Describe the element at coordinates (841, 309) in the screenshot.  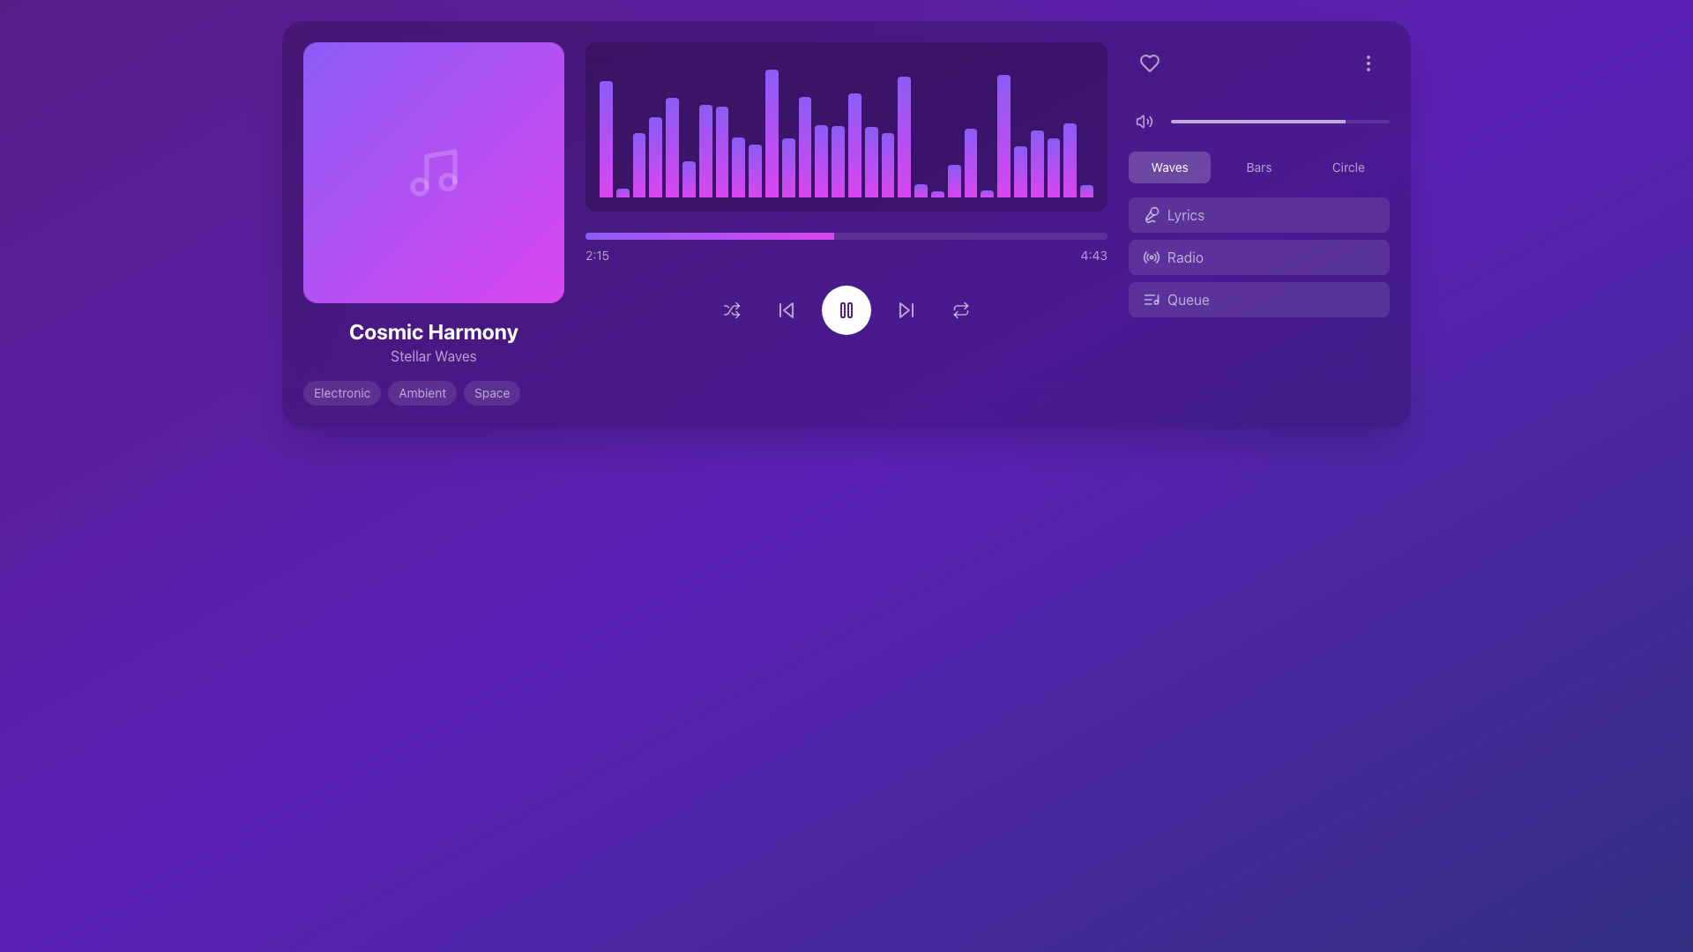
I see `the left bar of the pause icon, which is part of the pause button in the center of the playback controls` at that location.